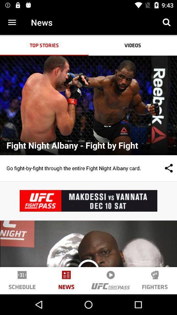  I want to click on icon to the right of news icon, so click(88, 270).